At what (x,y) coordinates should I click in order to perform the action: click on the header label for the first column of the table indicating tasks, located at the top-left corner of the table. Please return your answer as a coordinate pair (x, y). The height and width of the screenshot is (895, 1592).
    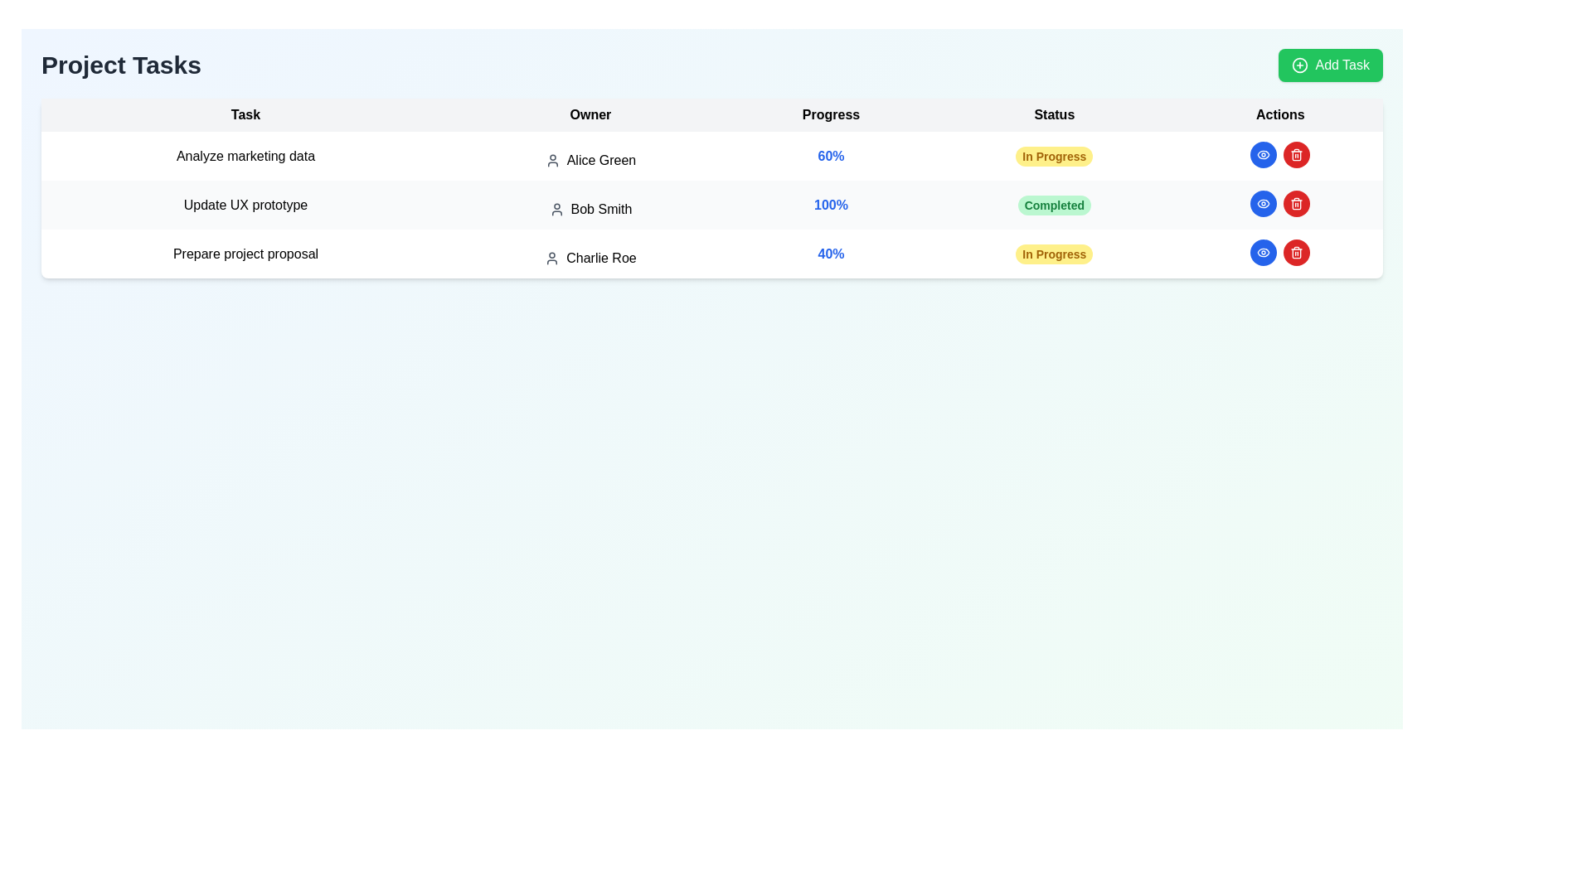
    Looking at the image, I should click on (245, 114).